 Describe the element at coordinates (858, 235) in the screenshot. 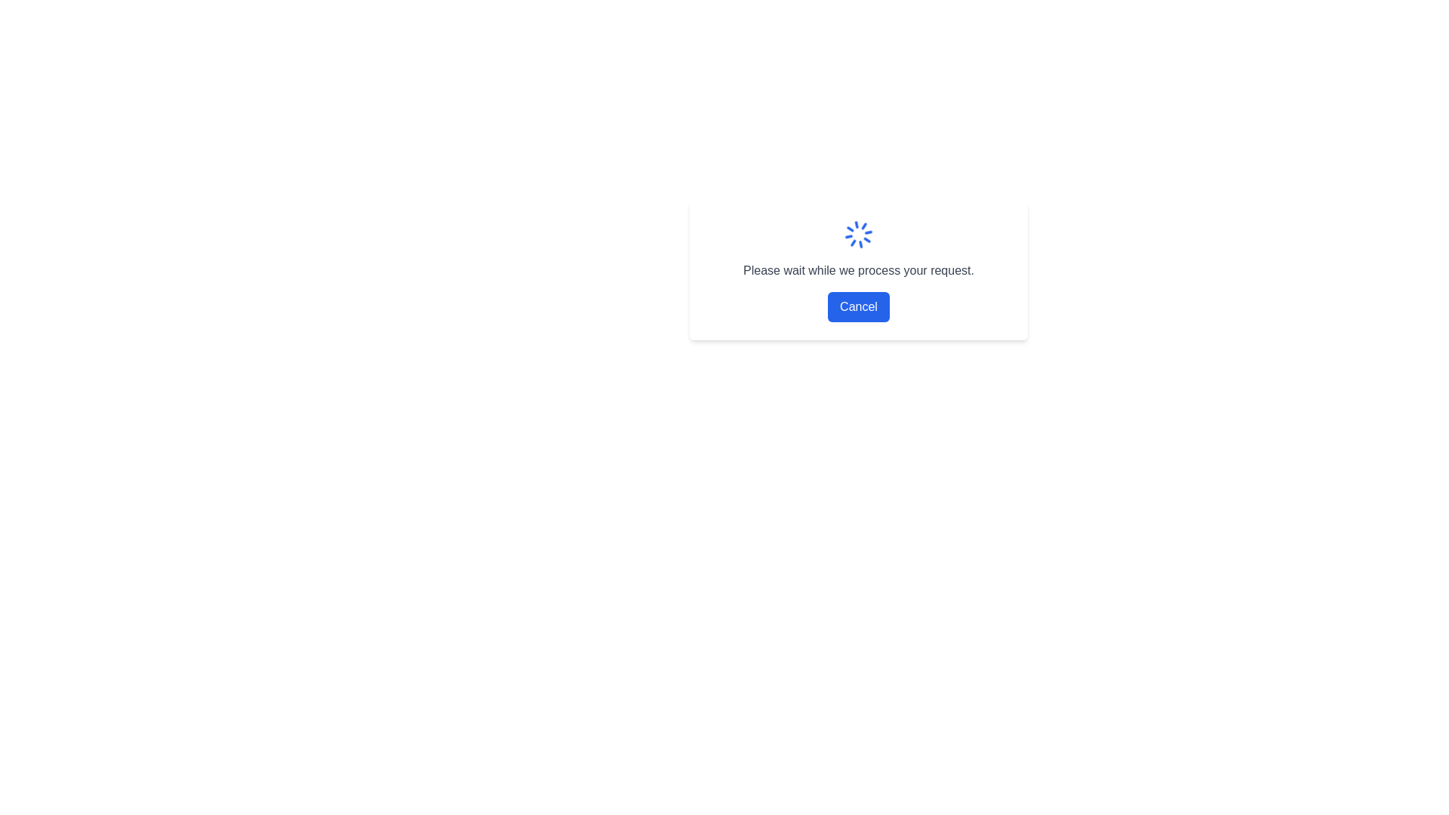

I see `the loading spinner icon, which is a circular blue animation indicating loading, located at the center-top of the modal dialog` at that location.